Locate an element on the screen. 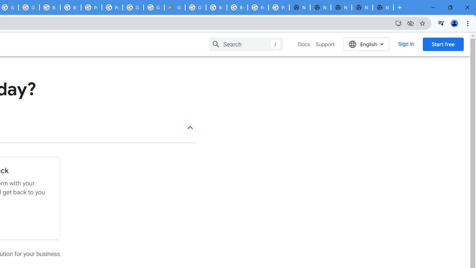 This screenshot has width=476, height=268. 'Support' is located at coordinates (325, 44).